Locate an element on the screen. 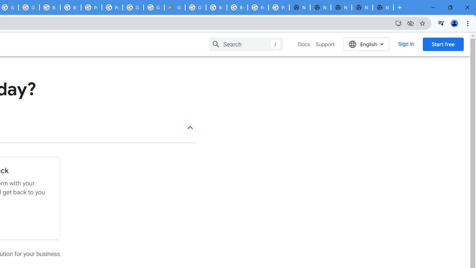 This screenshot has width=476, height=268. 'Support' is located at coordinates (325, 44).